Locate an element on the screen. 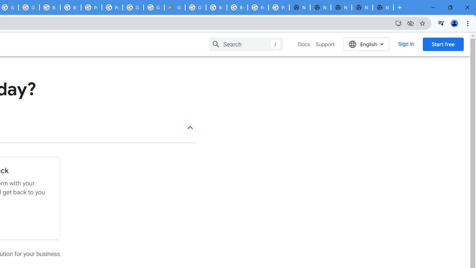 This screenshot has width=476, height=268. 'Support' is located at coordinates (325, 44).